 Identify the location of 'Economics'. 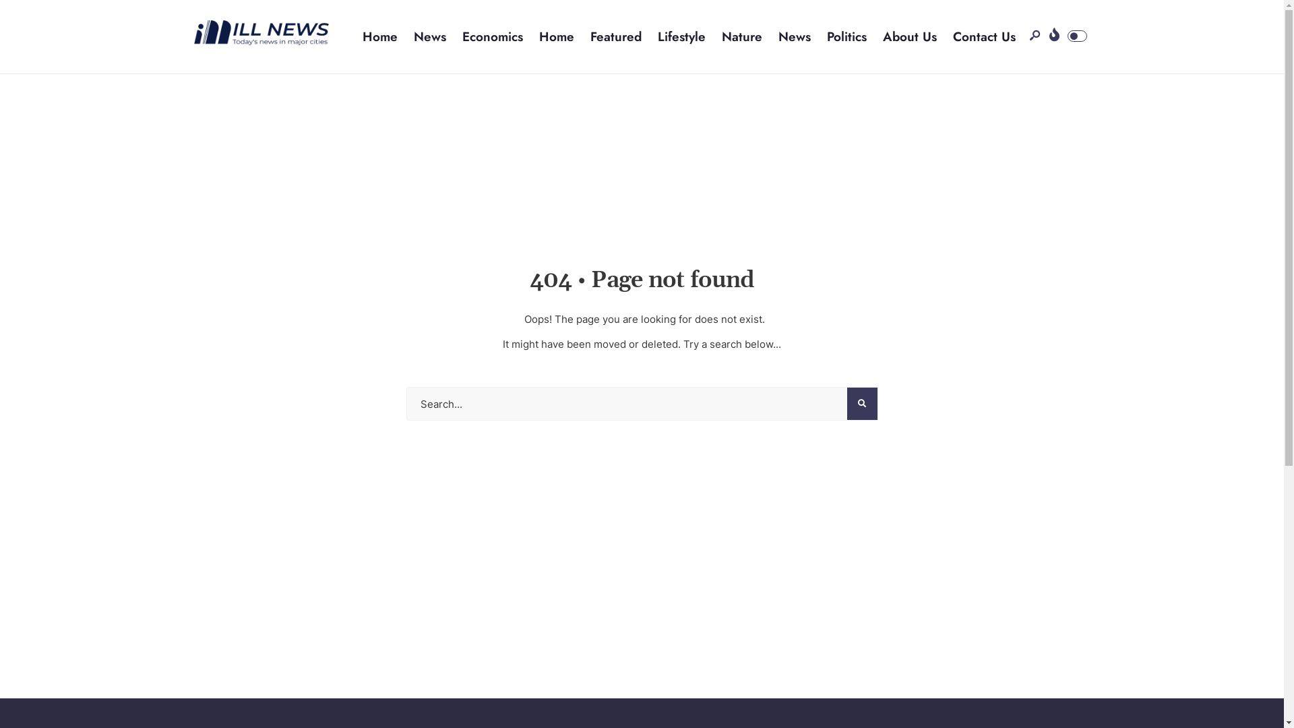
(491, 36).